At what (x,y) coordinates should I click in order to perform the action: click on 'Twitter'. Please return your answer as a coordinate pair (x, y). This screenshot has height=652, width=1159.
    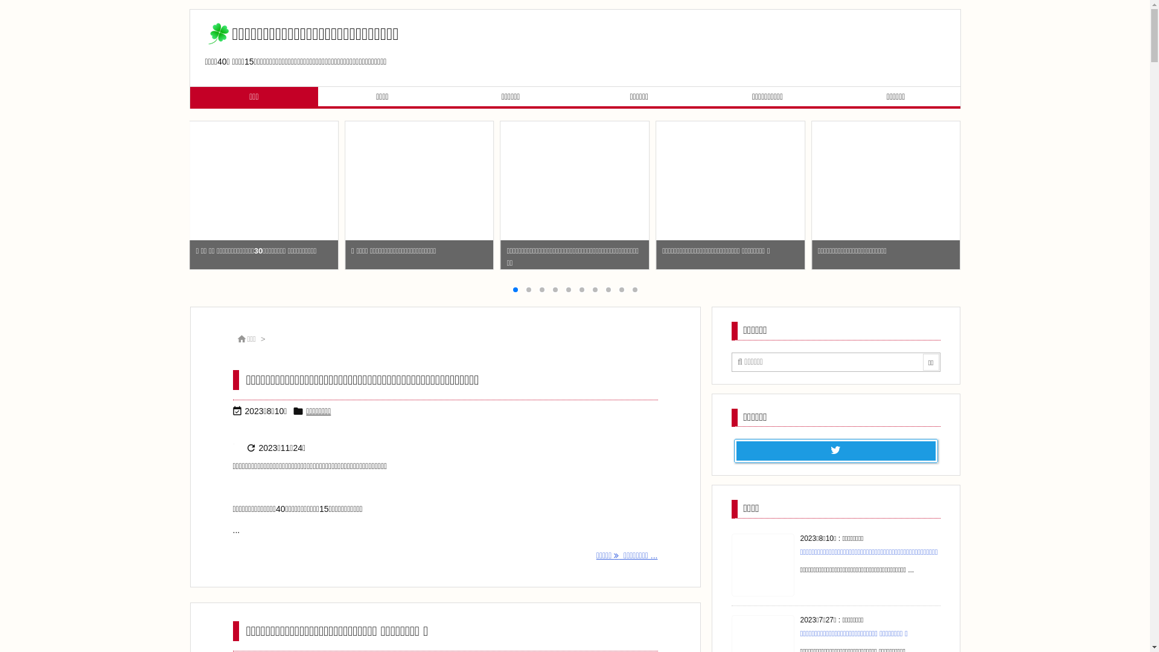
    Looking at the image, I should click on (834, 451).